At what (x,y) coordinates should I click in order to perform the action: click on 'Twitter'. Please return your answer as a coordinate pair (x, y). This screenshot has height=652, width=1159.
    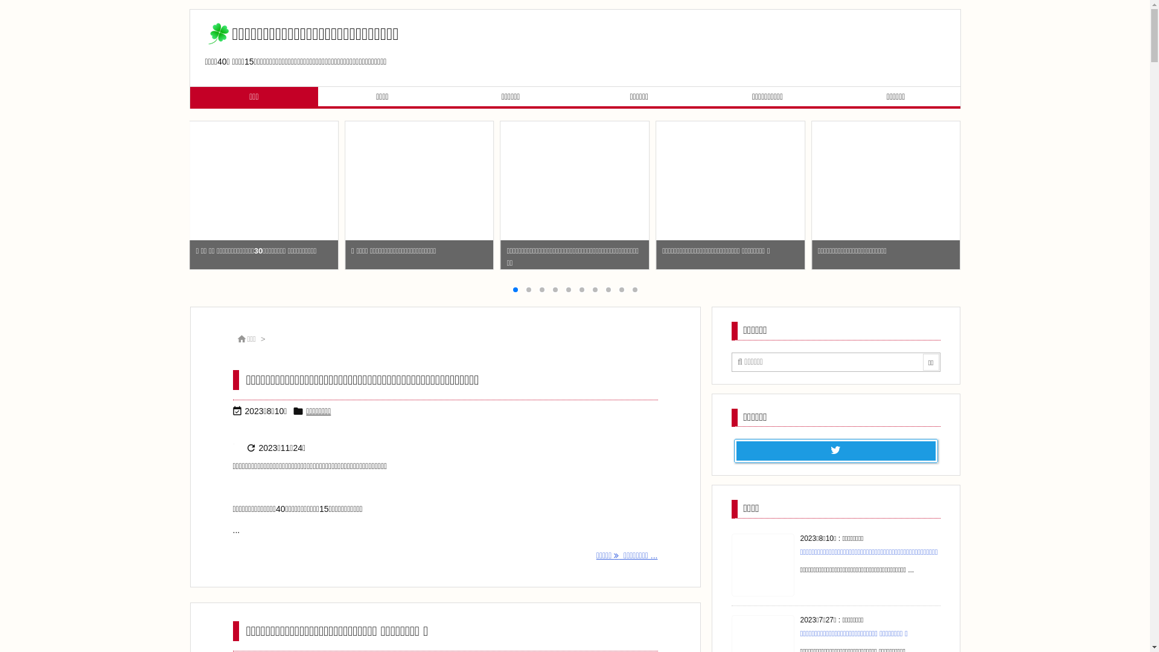
    Looking at the image, I should click on (834, 451).